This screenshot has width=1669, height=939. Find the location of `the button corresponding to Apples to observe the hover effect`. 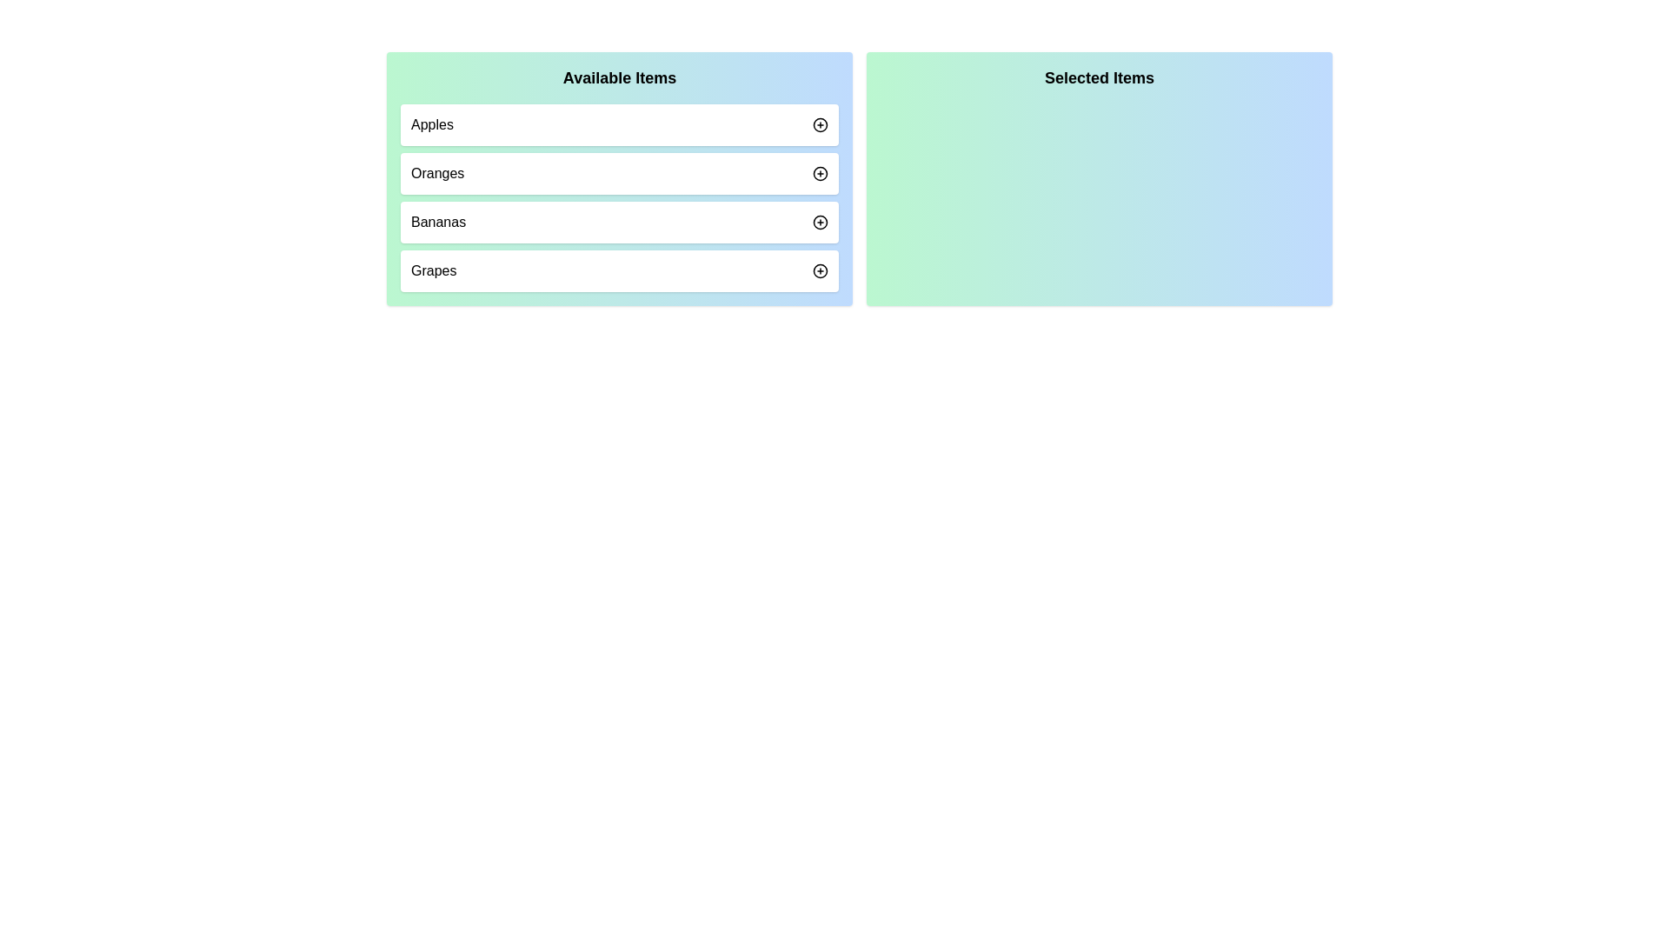

the button corresponding to Apples to observe the hover effect is located at coordinates (820, 123).